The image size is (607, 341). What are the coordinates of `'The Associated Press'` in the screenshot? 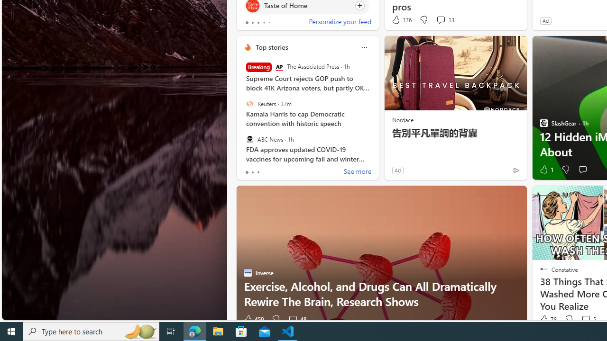 It's located at (278, 67).